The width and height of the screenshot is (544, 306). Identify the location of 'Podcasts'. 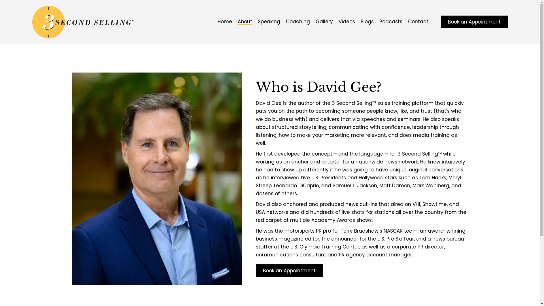
(390, 22).